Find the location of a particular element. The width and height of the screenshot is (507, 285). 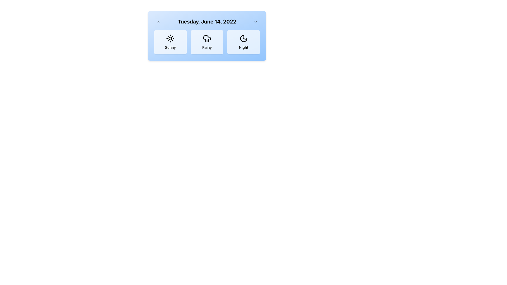

the small circular button with a downward-facing chevron icon at the far-right side of the header displaying 'Tuesday, June 14, 2022' is located at coordinates (256, 21).